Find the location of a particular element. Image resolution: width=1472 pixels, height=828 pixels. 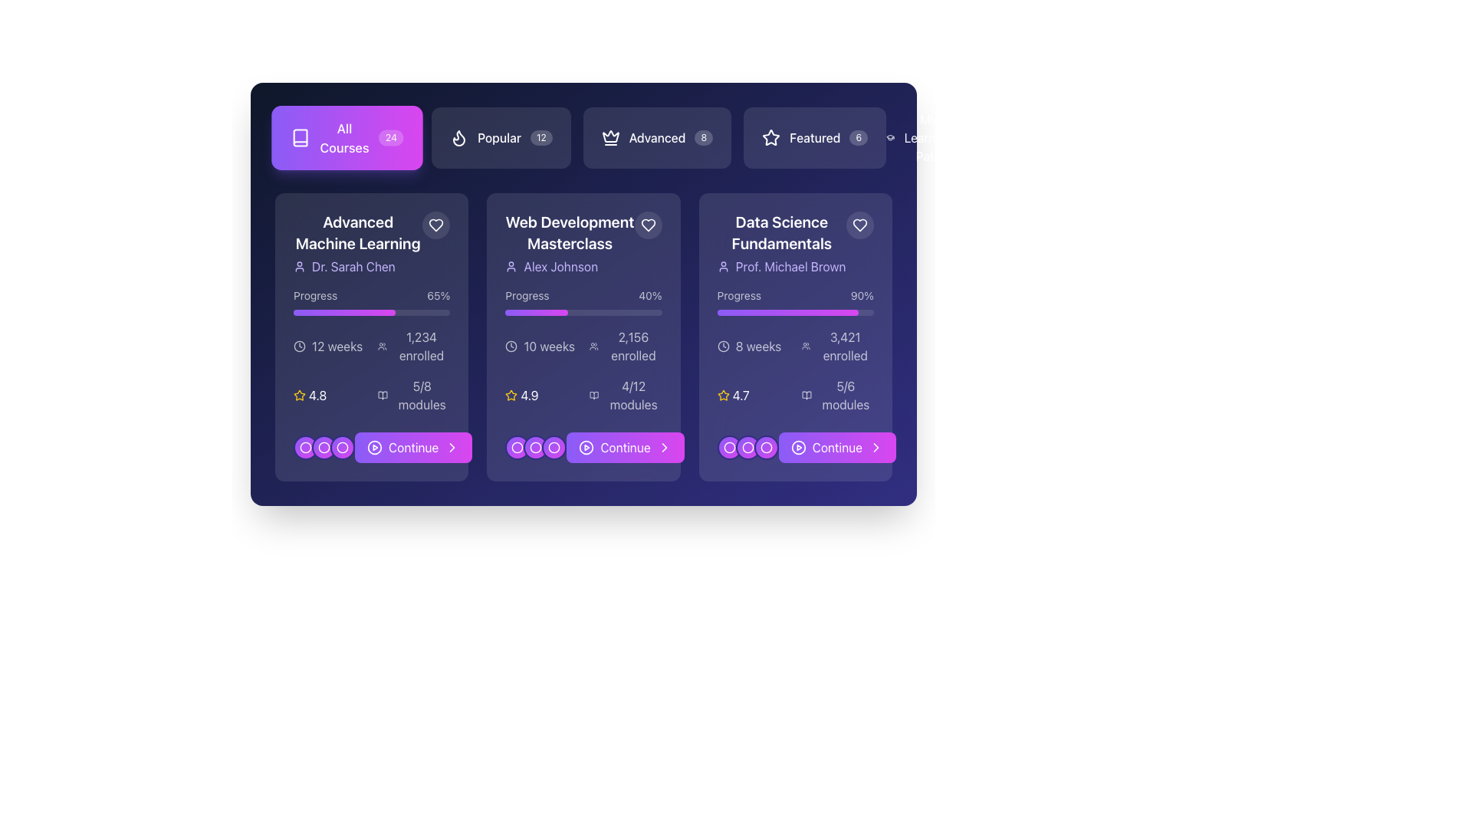

the visual information of the filled progress bar segment indicating 65% completion for the 'Advanced Machine Learning' course, located below the 'Progress' label is located at coordinates (343, 312).